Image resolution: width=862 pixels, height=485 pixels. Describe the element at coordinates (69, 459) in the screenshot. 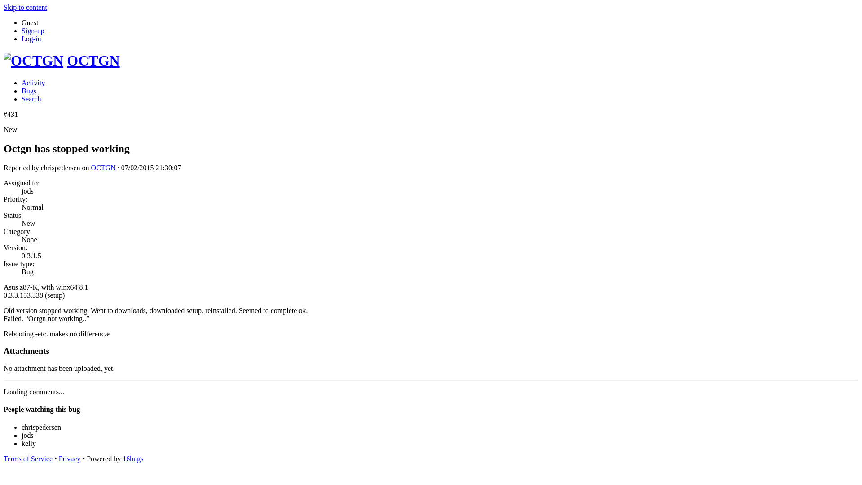

I see `'Privacy'` at that location.